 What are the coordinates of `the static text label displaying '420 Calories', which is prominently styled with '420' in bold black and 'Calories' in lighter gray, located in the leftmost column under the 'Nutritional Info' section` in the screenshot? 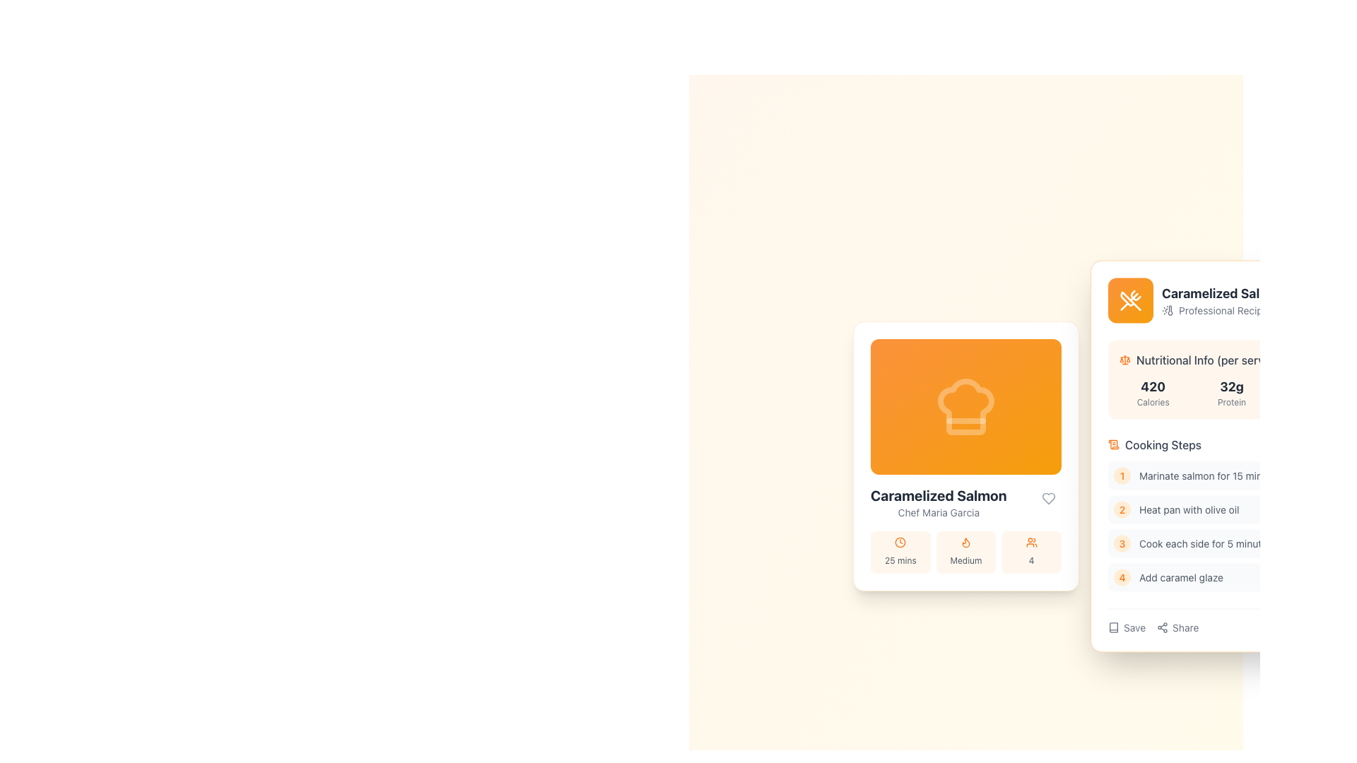 It's located at (1153, 392).